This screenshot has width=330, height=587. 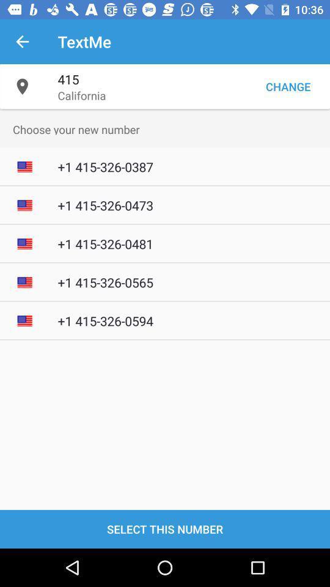 I want to click on the change, so click(x=288, y=86).